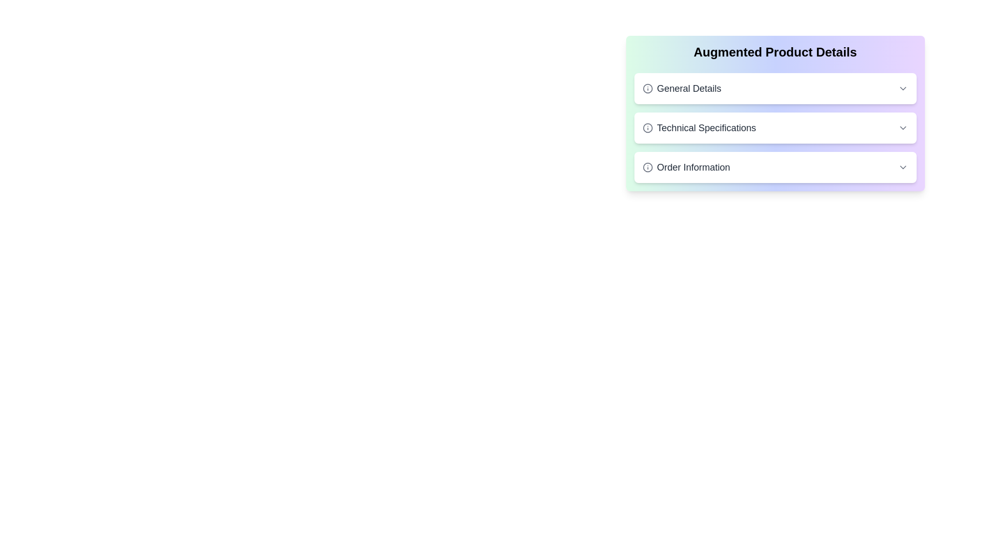  What do you see at coordinates (647, 88) in the screenshot?
I see `the SVG circle element that serves as an icon for the 'General Details' section, located on the left side of the text label in the first row` at bounding box center [647, 88].